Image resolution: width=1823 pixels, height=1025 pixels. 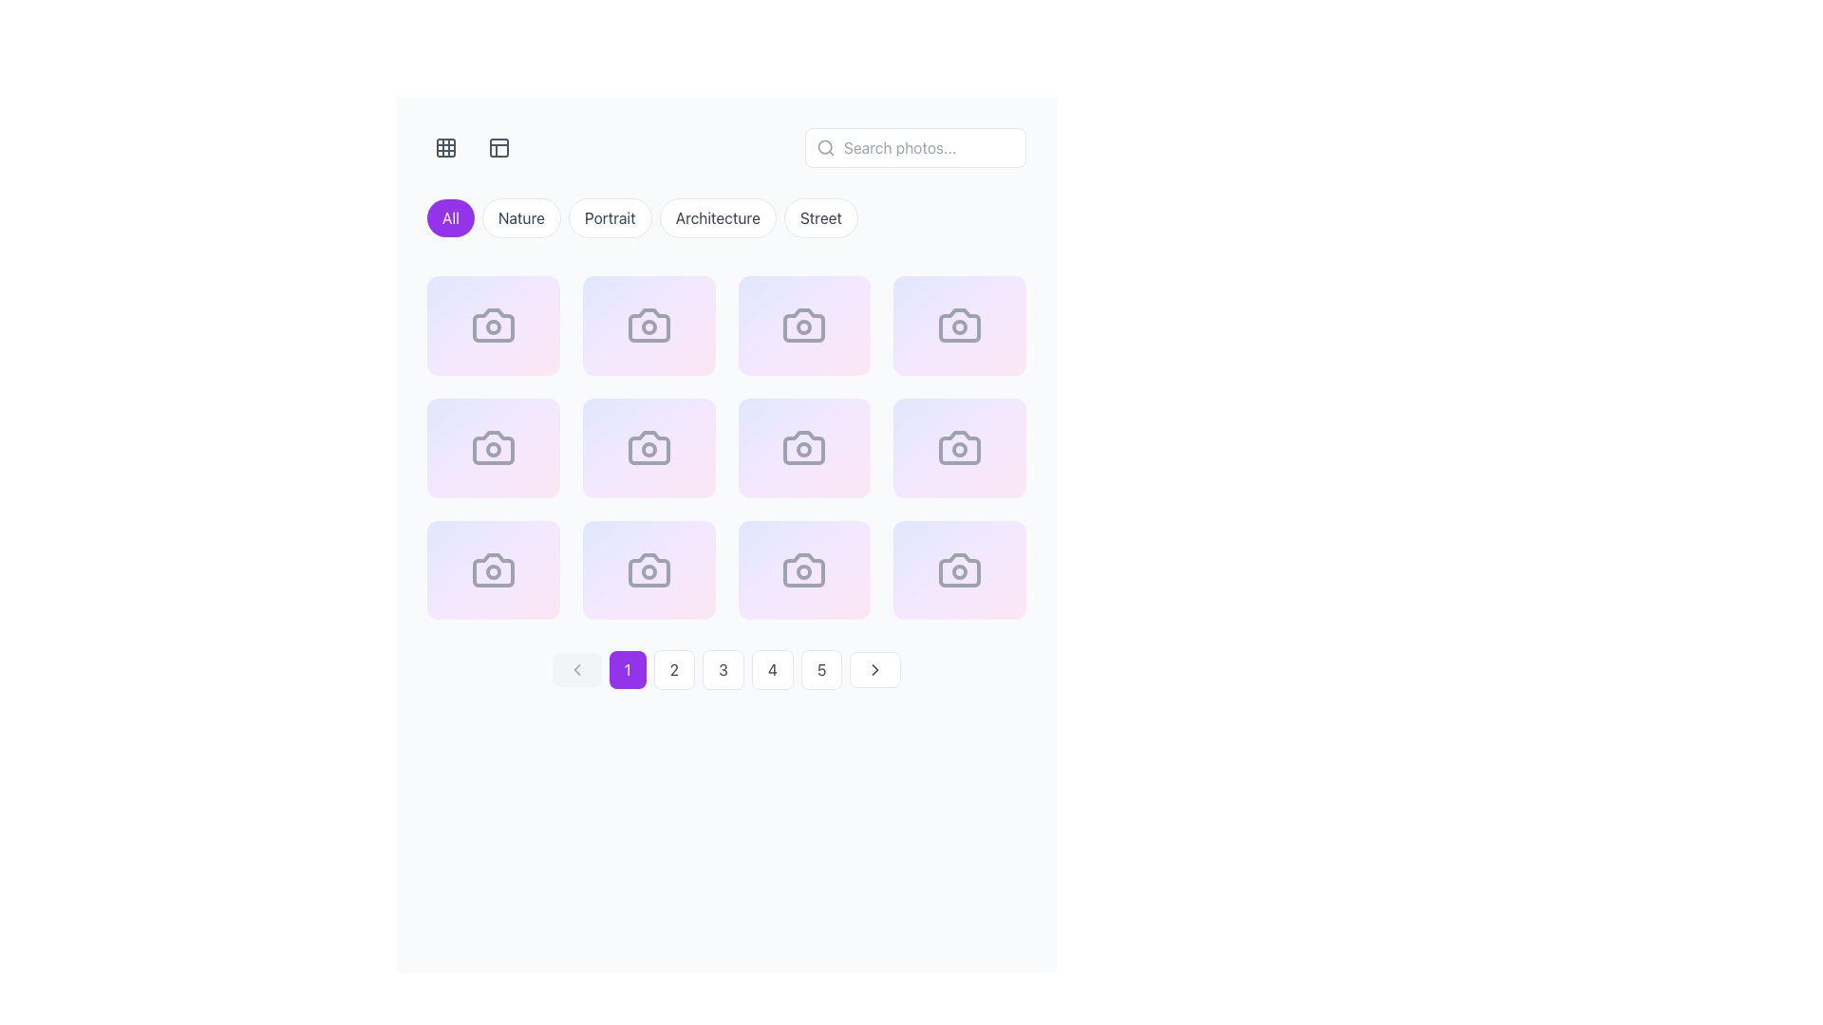 What do you see at coordinates (648, 326) in the screenshot?
I see `the small circular graphic element located at the center of the camera icon in the top row and second column of the grid layout` at bounding box center [648, 326].